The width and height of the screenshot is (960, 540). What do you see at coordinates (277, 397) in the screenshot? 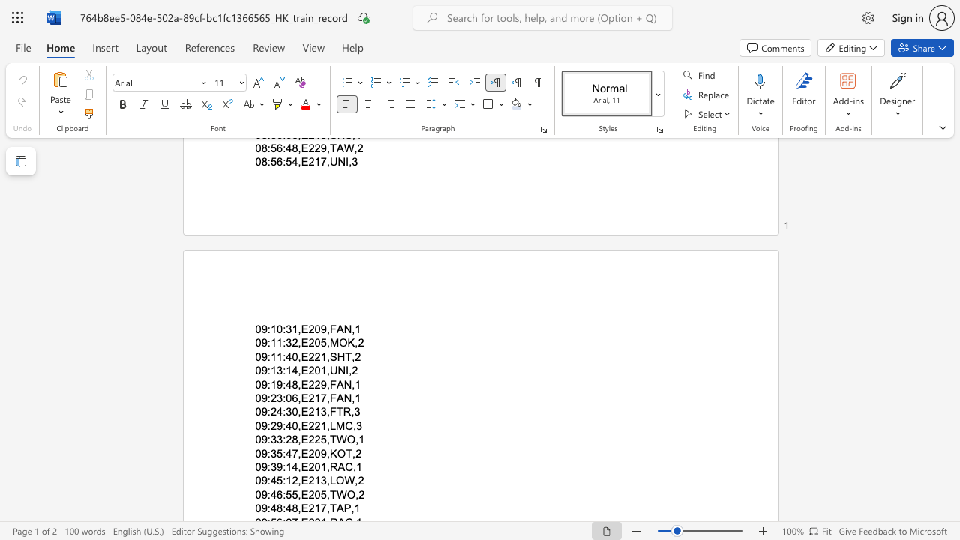
I see `the space between the continuous character "2" and "3" in the text` at bounding box center [277, 397].